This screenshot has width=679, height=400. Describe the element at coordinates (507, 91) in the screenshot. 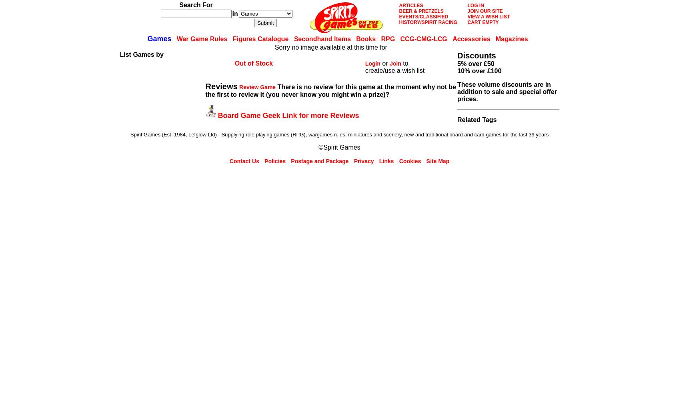

I see `'These volume discounts are in addition to sale and special offer prices.'` at that location.